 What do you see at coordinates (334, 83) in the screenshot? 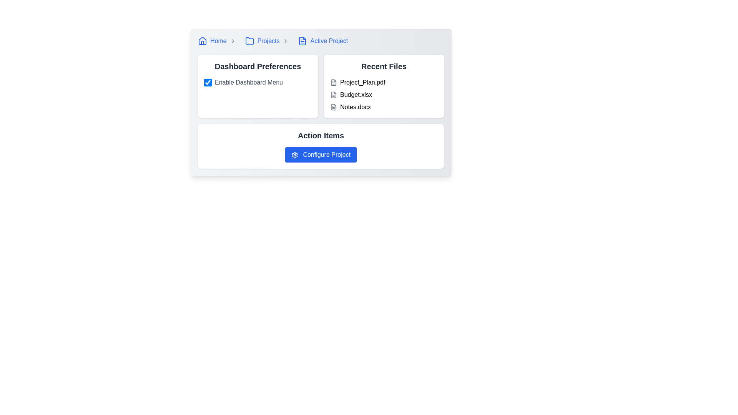
I see `the grayish document icon, which is part of a file-like icon group located on the left side of the recent files list` at bounding box center [334, 83].